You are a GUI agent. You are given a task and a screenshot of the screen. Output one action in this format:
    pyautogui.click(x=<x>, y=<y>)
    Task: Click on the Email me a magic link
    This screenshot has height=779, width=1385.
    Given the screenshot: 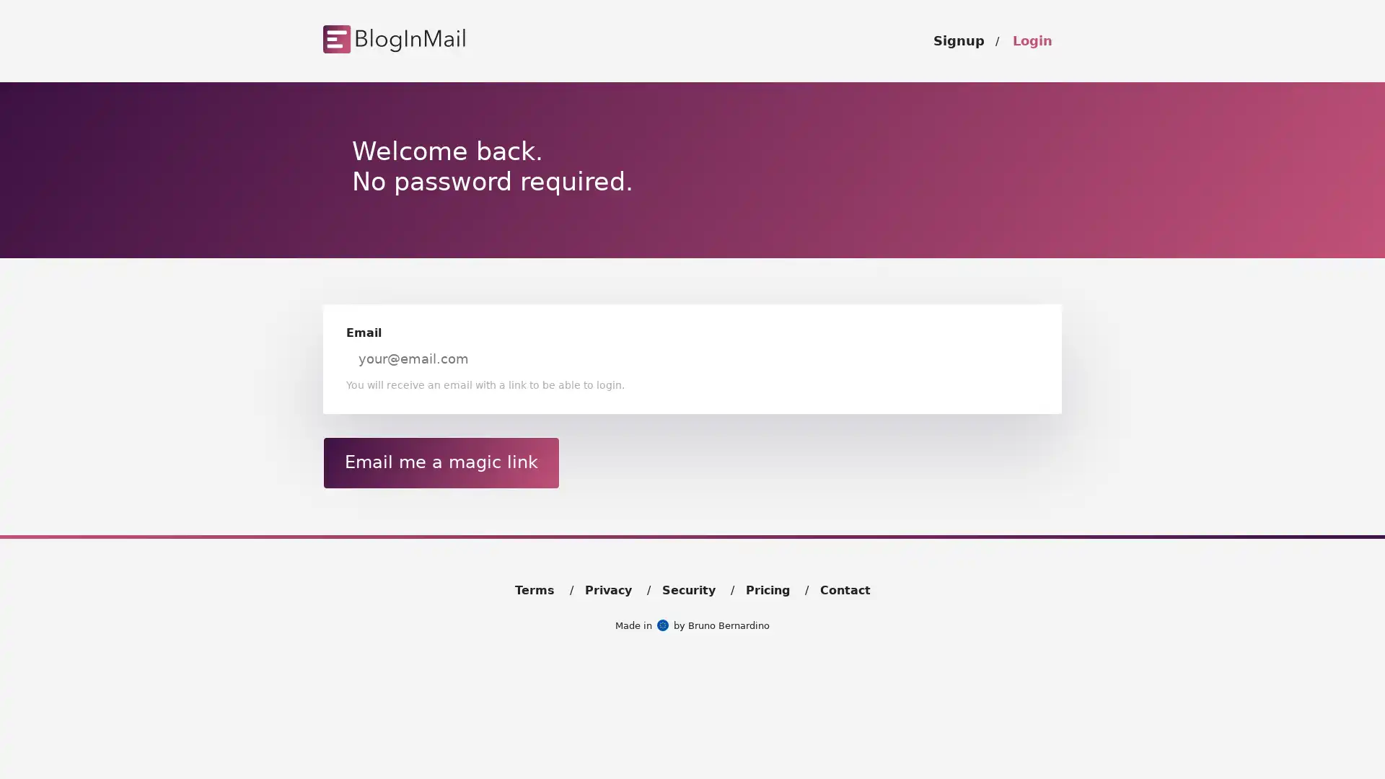 What is the action you would take?
    pyautogui.click(x=440, y=462)
    